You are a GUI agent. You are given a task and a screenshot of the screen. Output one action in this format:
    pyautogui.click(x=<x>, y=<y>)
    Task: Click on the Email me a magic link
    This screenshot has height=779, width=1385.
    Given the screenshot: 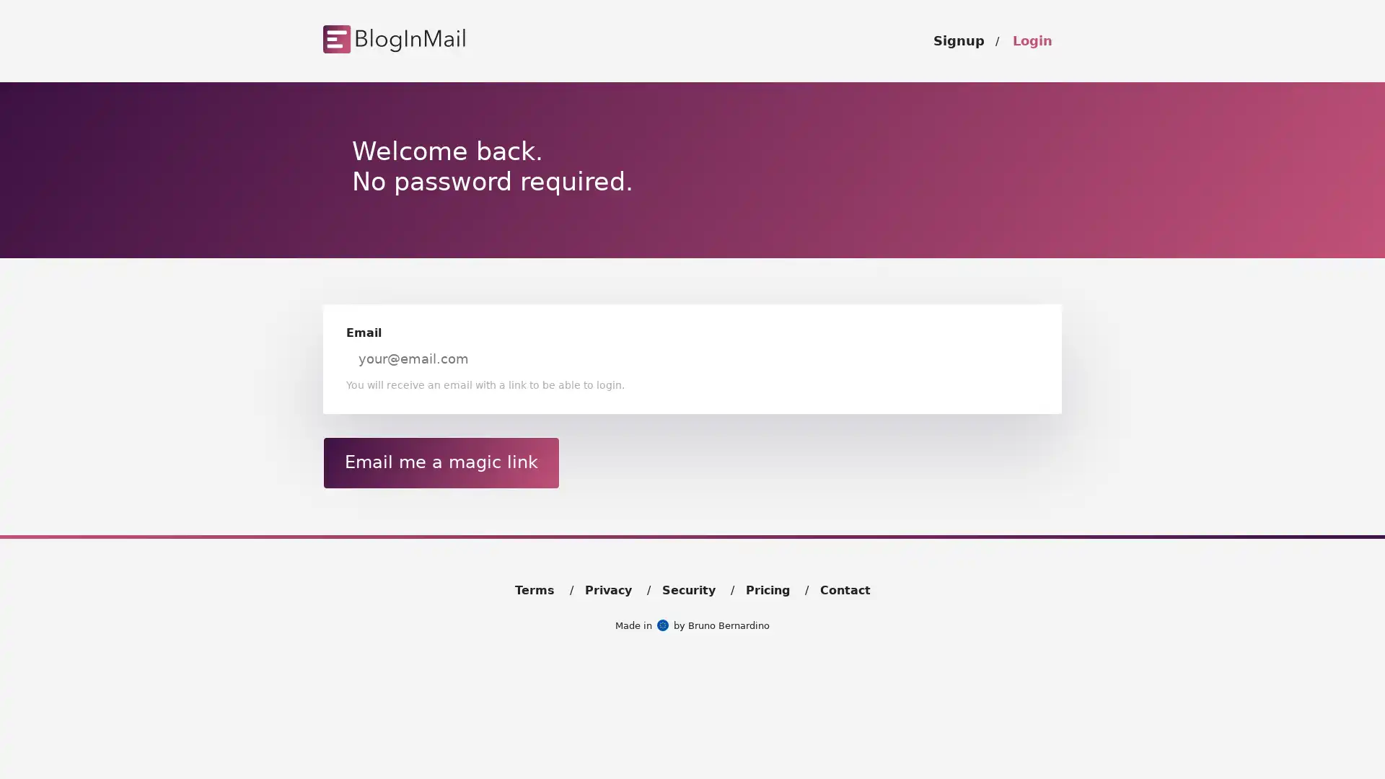 What is the action you would take?
    pyautogui.click(x=440, y=462)
    